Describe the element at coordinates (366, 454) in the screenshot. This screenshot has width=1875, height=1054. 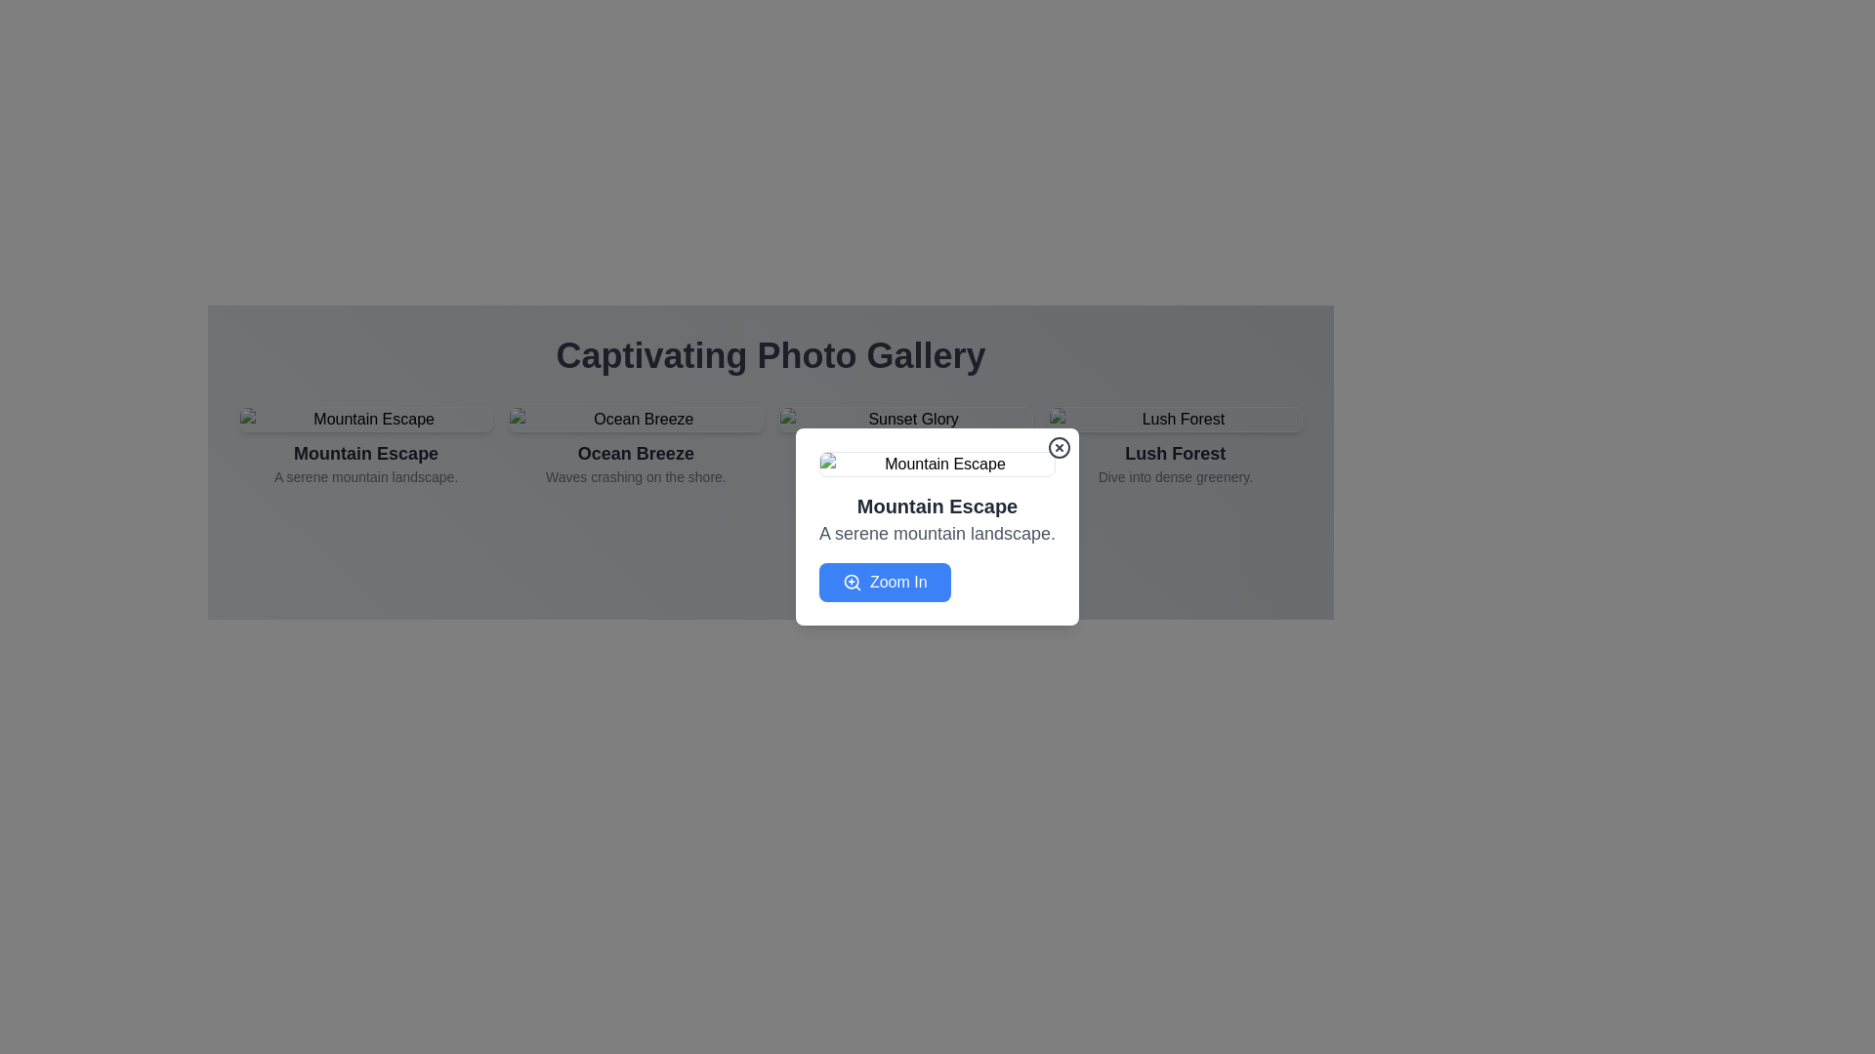
I see `the title text label that serves as the name of the showcased feature, located in the center of the modal, above the descriptive text` at that location.